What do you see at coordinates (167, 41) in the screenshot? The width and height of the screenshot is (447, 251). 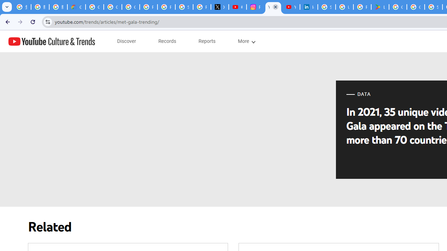 I see `'subnav-Records menupopup'` at bounding box center [167, 41].